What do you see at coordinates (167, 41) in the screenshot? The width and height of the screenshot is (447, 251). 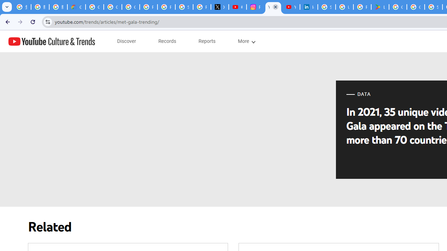 I see `'subnav-Records menupopup'` at bounding box center [167, 41].